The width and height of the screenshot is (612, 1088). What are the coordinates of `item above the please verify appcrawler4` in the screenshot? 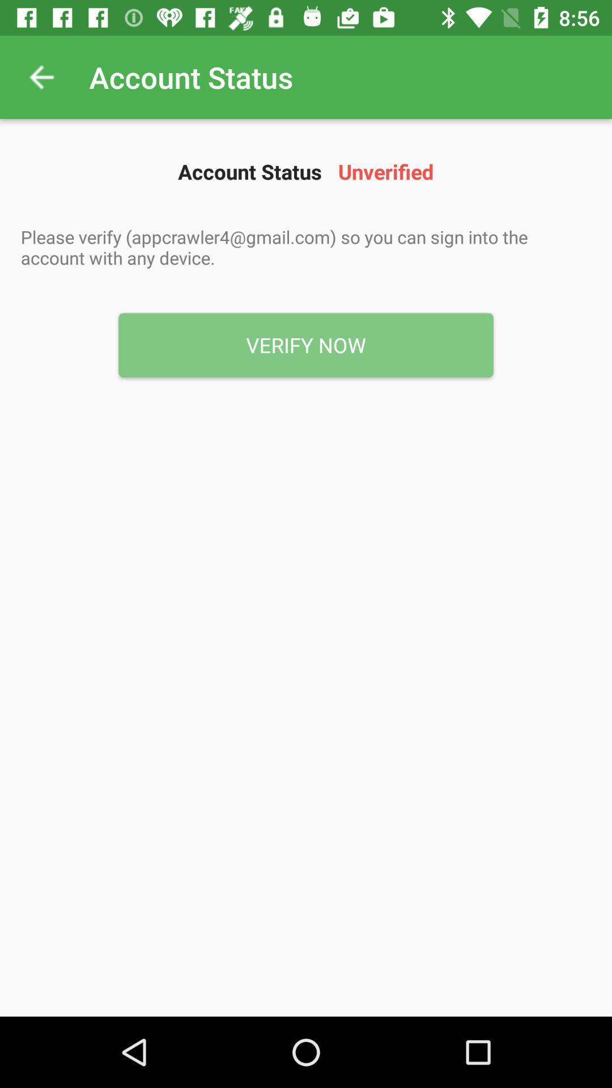 It's located at (41, 76).